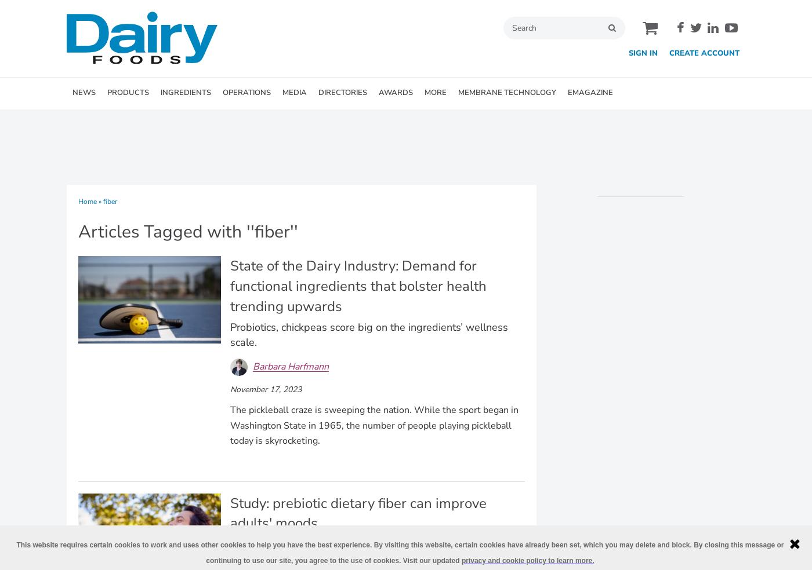  What do you see at coordinates (188, 231) in the screenshot?
I see `'Articles Tagged with ''fiber'''` at bounding box center [188, 231].